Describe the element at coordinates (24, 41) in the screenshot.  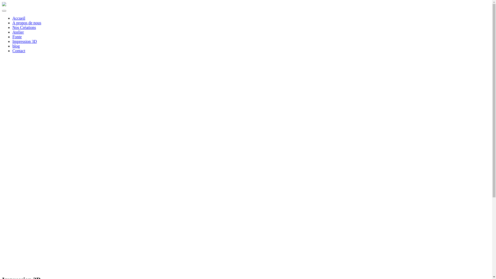
I see `'Impression 3D'` at that location.